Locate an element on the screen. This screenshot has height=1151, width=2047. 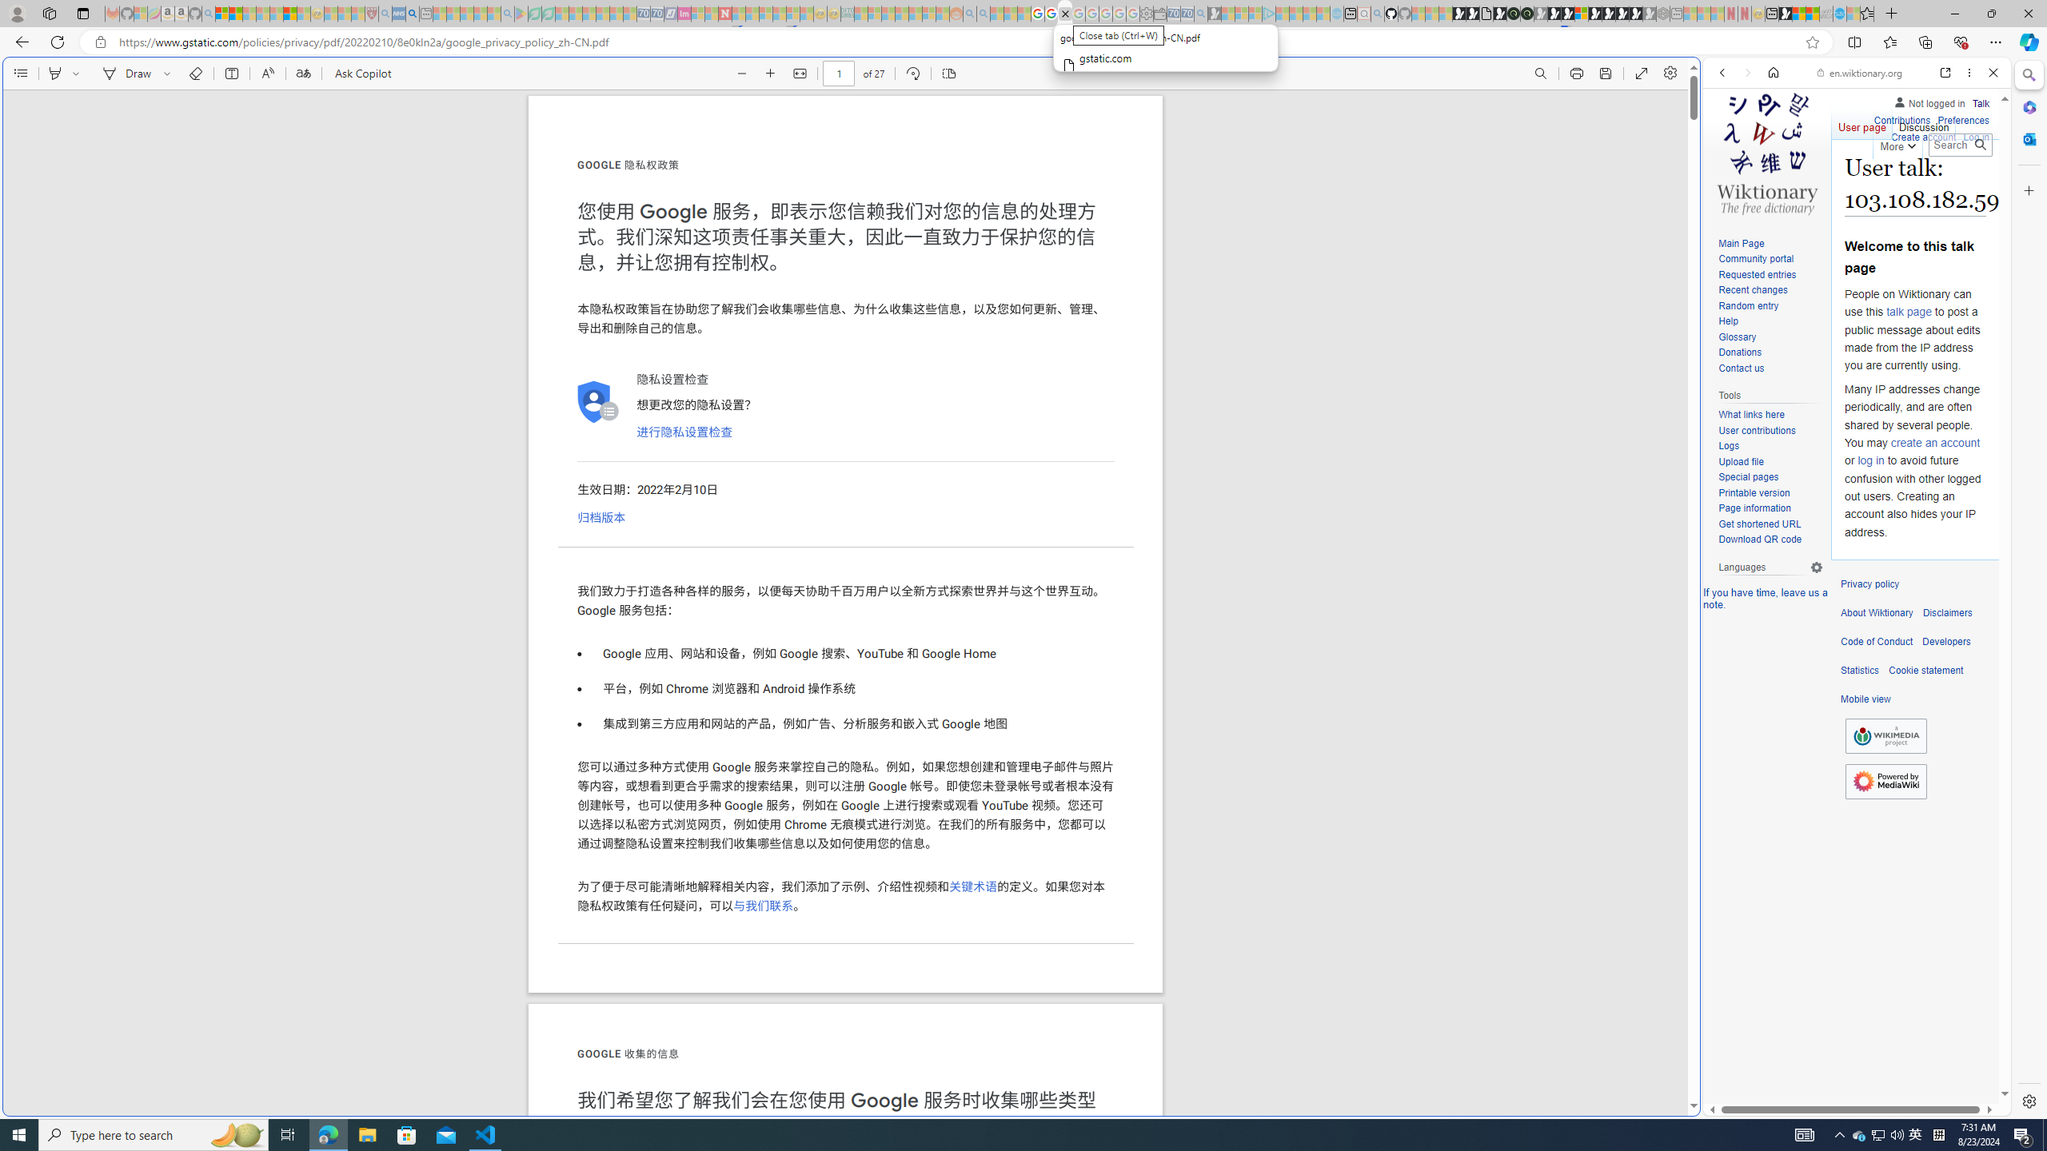
'Recent changes' is located at coordinates (1770, 290).